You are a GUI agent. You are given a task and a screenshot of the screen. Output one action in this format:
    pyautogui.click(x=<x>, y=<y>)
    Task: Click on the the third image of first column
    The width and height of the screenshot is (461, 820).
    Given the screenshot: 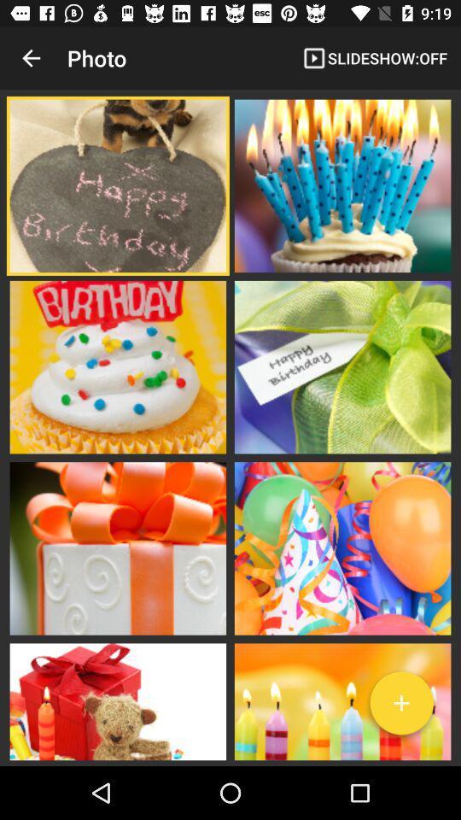 What is the action you would take?
    pyautogui.click(x=117, y=547)
    